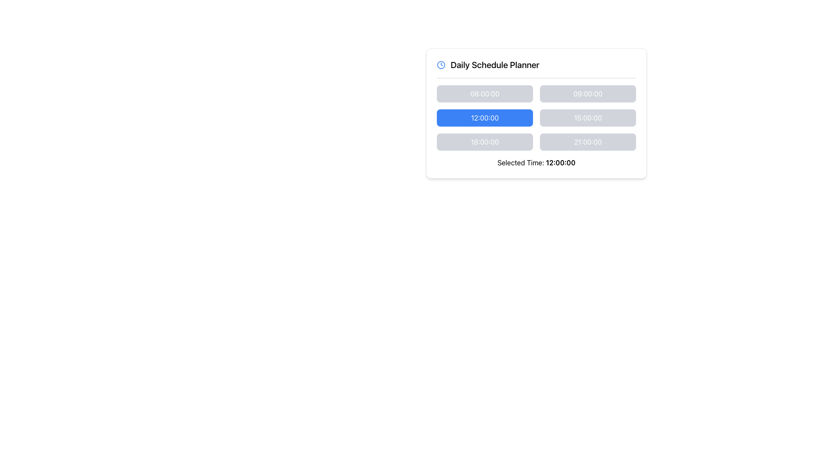 This screenshot has width=828, height=465. Describe the element at coordinates (536, 64) in the screenshot. I see `the text label with an icon that serves as a title for the scheduling features section, located at the top of a card-like section with a white background and gray border` at that location.